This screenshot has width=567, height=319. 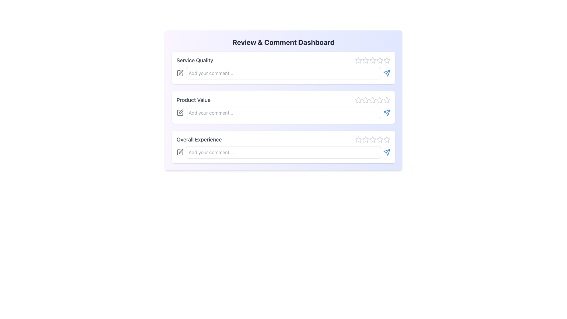 I want to click on the graphic icon associated with the 'Service Quality' label, which suggests functionality for editing or entering comments, so click(x=181, y=72).